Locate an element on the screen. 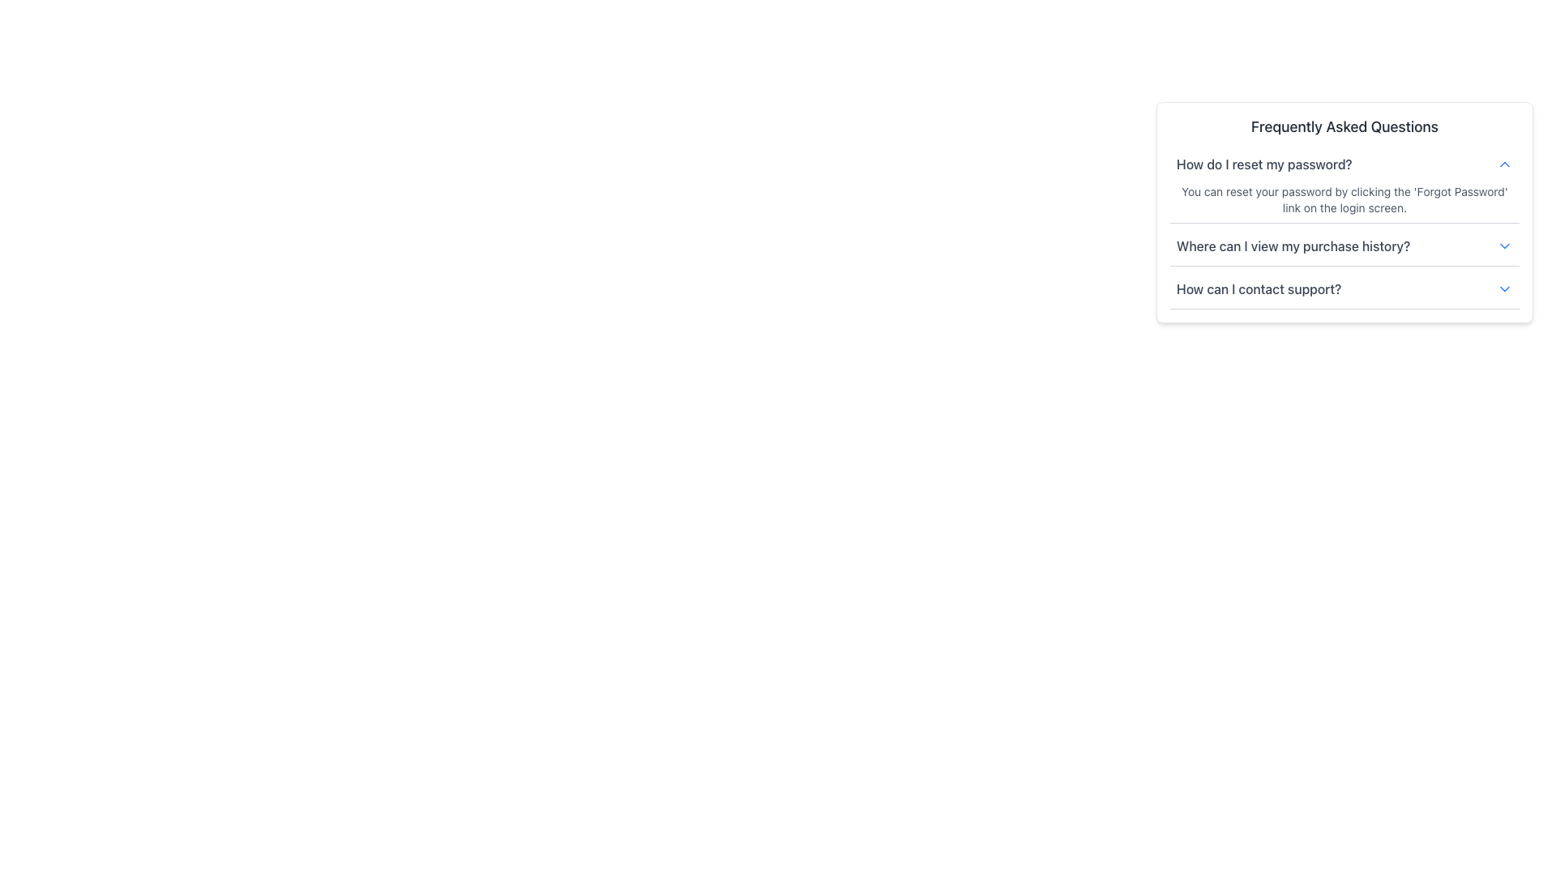 The height and width of the screenshot is (875, 1556). the static Text header at the top of the centered white rectangular card, which denotes the section's purpose is located at coordinates (1344, 126).